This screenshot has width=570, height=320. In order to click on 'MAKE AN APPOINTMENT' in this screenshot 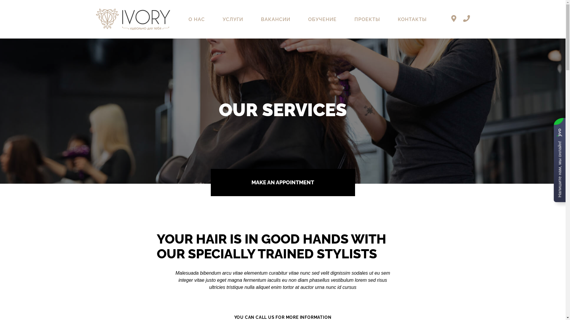, I will do `click(283, 182)`.